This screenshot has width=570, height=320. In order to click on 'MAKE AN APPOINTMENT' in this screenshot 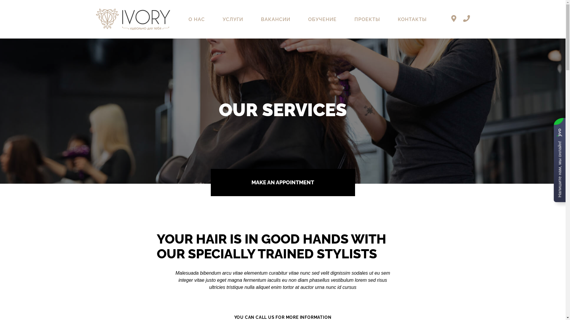, I will do `click(283, 182)`.